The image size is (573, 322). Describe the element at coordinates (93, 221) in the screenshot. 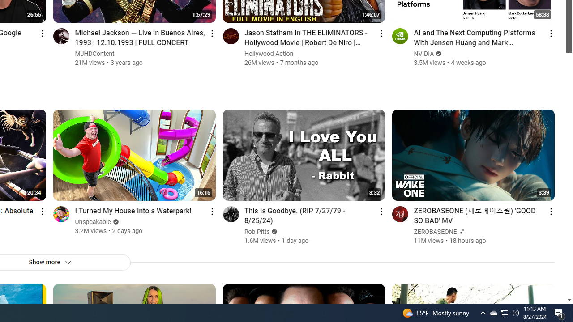

I see `'Unspeakable'` at that location.